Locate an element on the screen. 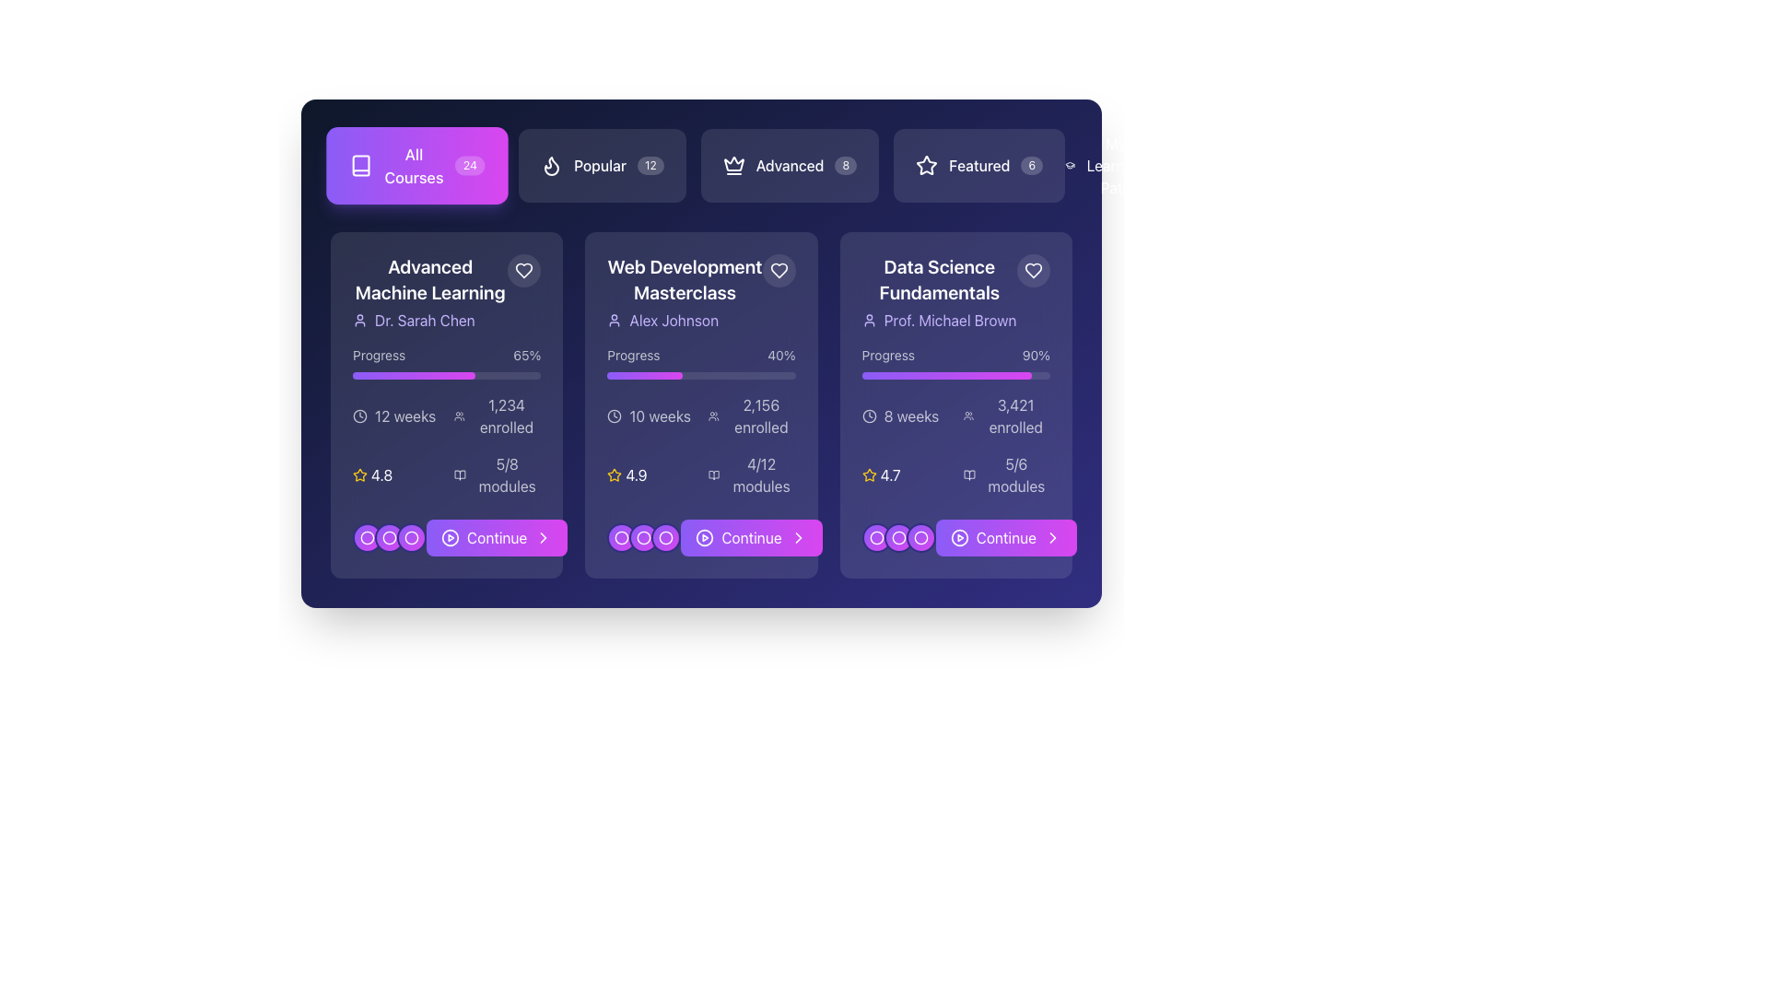  the informational Text label indicating the number of completed modules for the 'Data Science Fundamentals' course located at the bottom right corner of the card is located at coordinates (1015, 474).